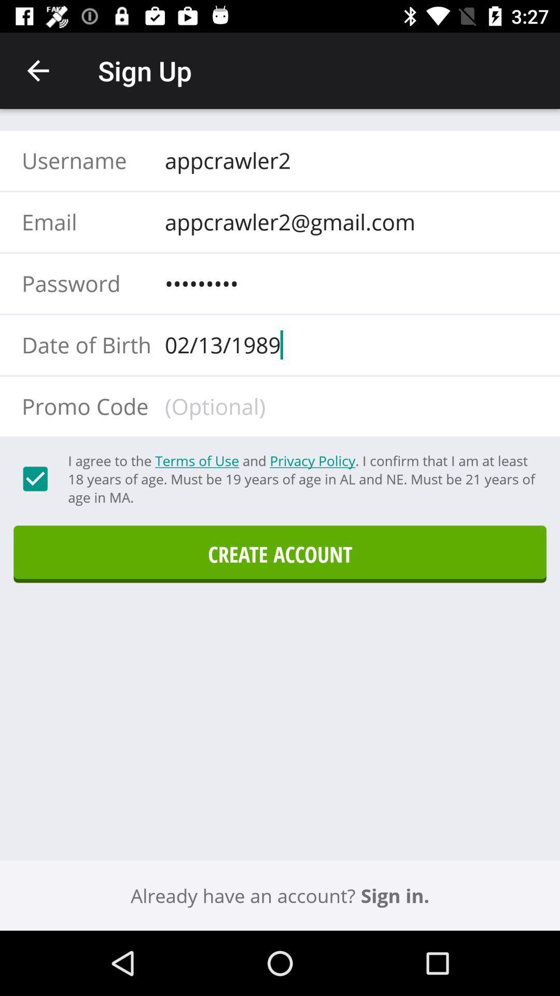  Describe the element at coordinates (302, 478) in the screenshot. I see `the i agree to` at that location.